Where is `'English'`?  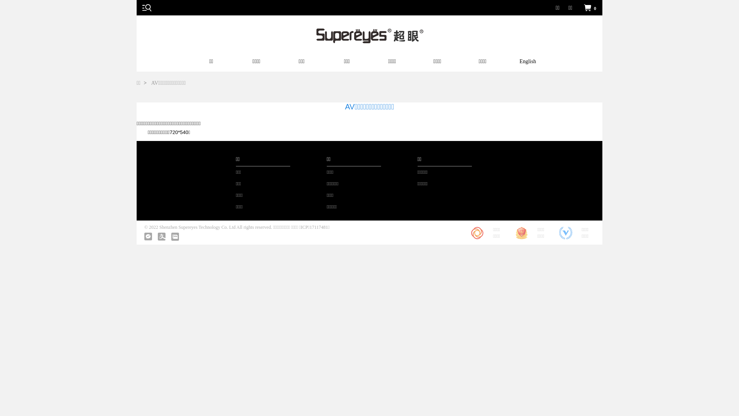
'English' is located at coordinates (527, 62).